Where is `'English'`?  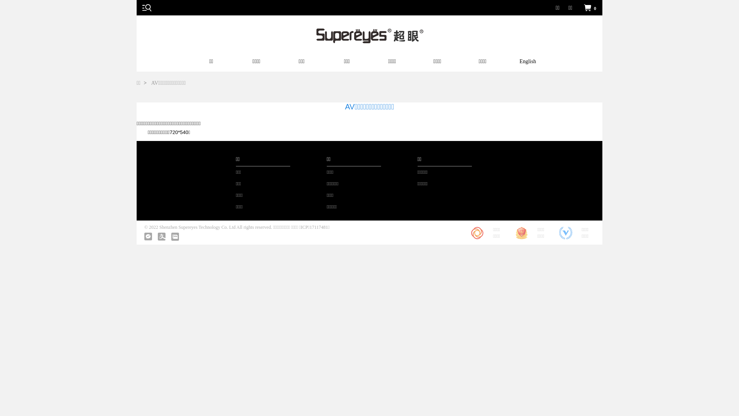
'English' is located at coordinates (527, 62).